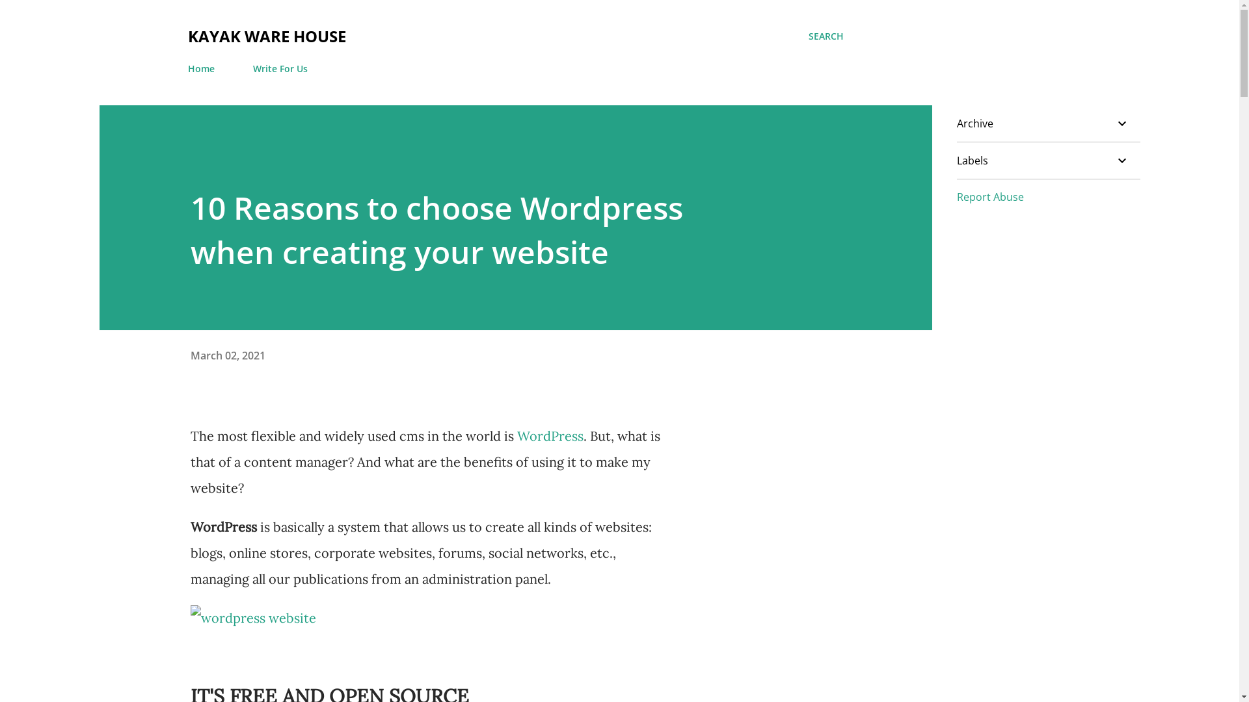 This screenshot has height=702, width=1249. What do you see at coordinates (279, 68) in the screenshot?
I see `'Write For Us'` at bounding box center [279, 68].